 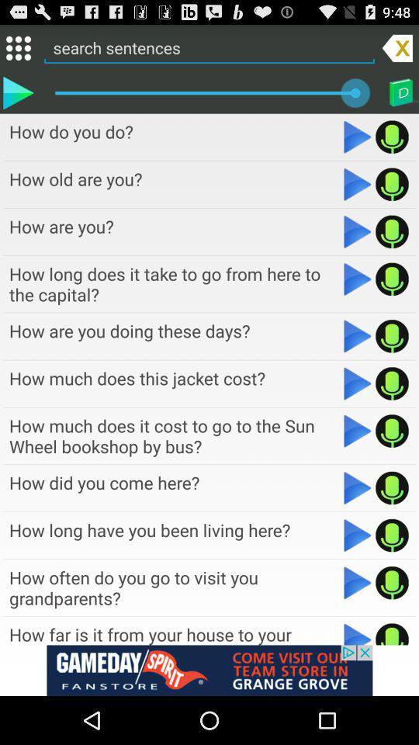 I want to click on this sentence, so click(x=358, y=633).